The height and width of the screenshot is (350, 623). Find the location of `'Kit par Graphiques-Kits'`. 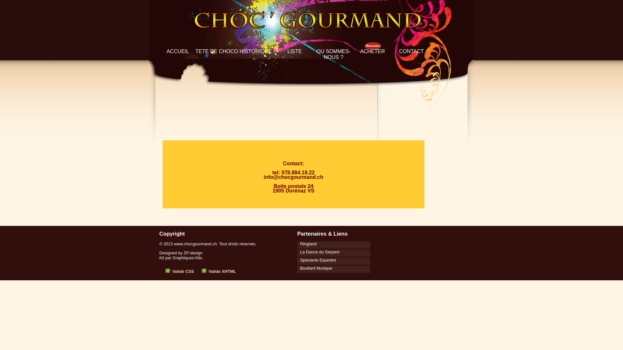

'Kit par Graphiques-Kits' is located at coordinates (180, 257).